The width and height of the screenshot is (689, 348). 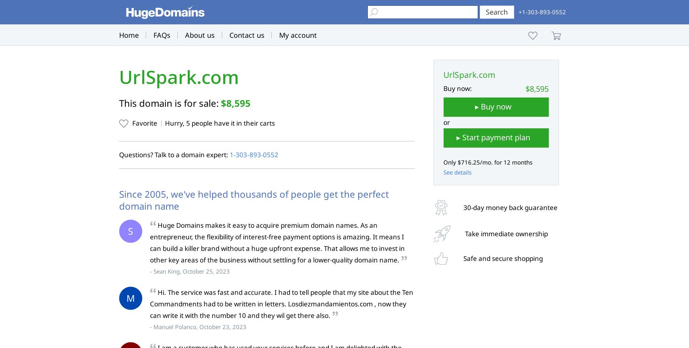 What do you see at coordinates (130, 298) in the screenshot?
I see `'M'` at bounding box center [130, 298].